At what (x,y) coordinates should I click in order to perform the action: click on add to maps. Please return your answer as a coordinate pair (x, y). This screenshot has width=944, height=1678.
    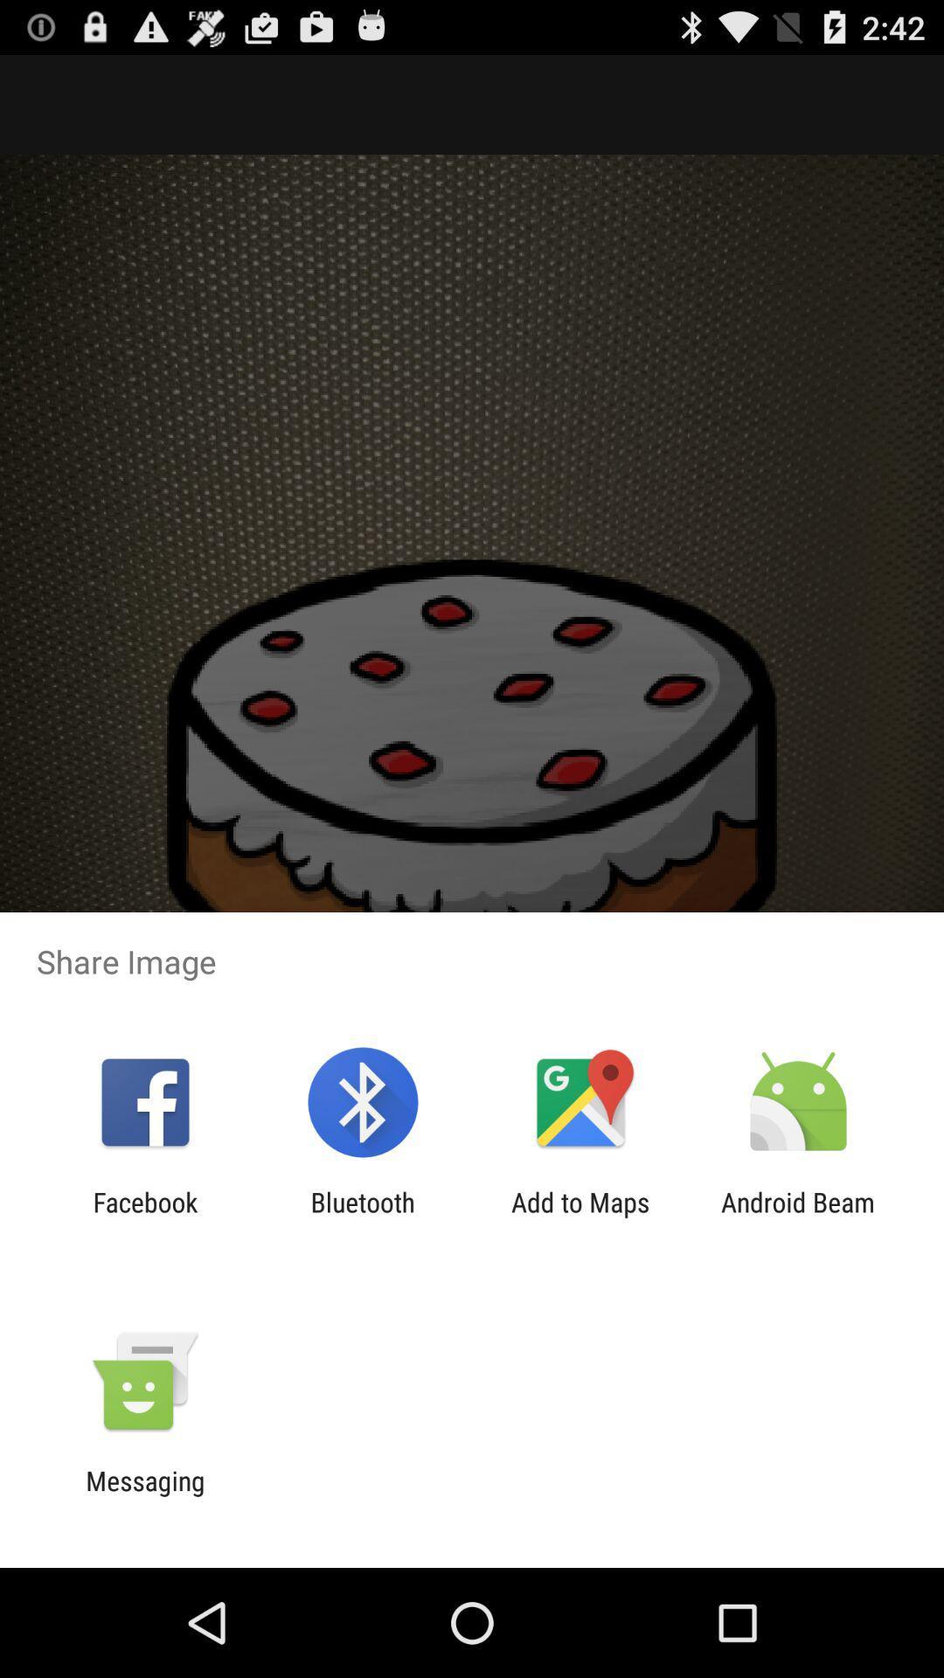
    Looking at the image, I should click on (580, 1217).